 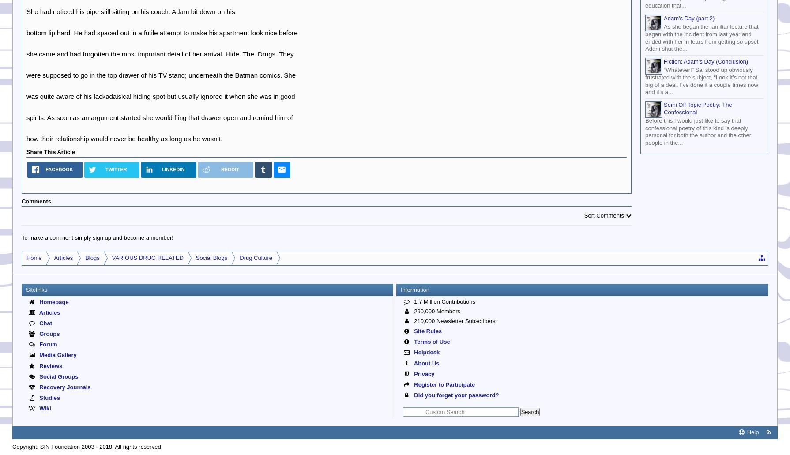 I want to click on 'Reddit', so click(x=229, y=169).